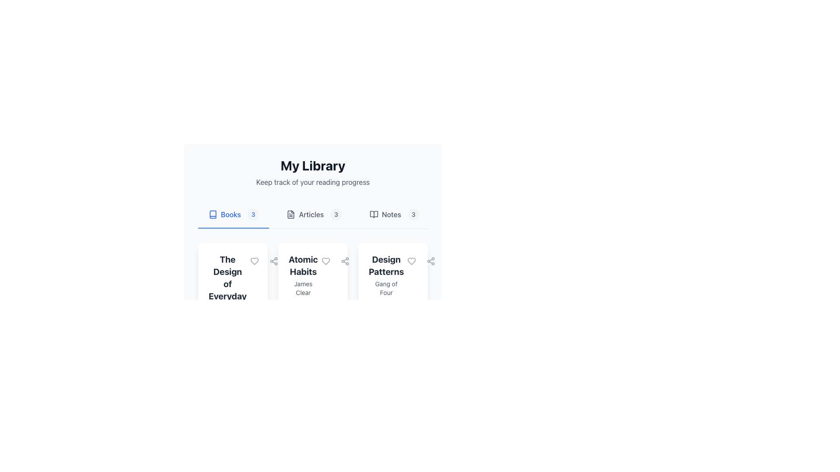  I want to click on text from the title and subtitle Text block located at the top of the section, which provides context about the content related to the user's reading progress, so click(313, 172).